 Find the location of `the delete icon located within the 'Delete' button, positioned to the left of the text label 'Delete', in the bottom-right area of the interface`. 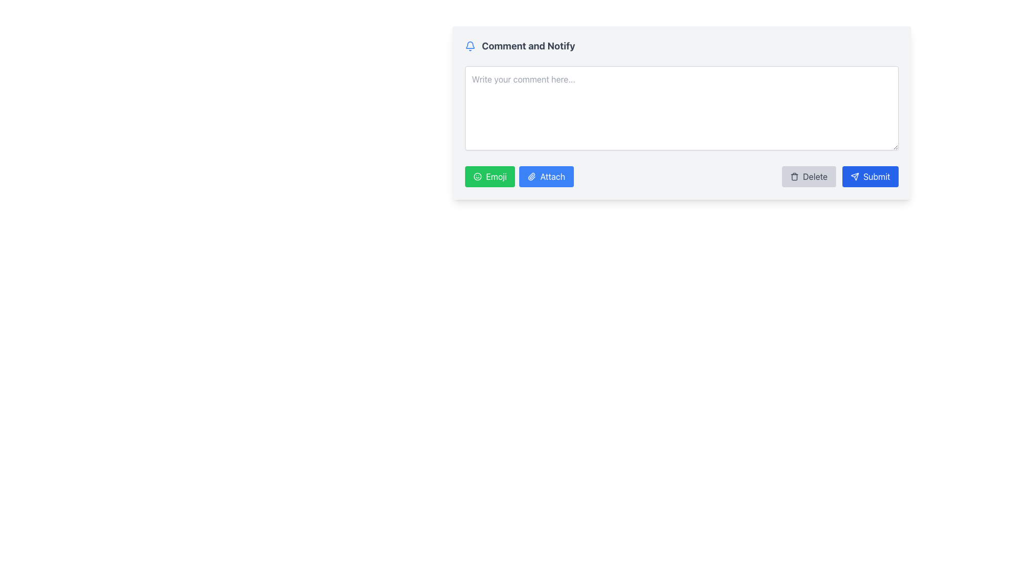

the delete icon located within the 'Delete' button, positioned to the left of the text label 'Delete', in the bottom-right area of the interface is located at coordinates (795, 176).